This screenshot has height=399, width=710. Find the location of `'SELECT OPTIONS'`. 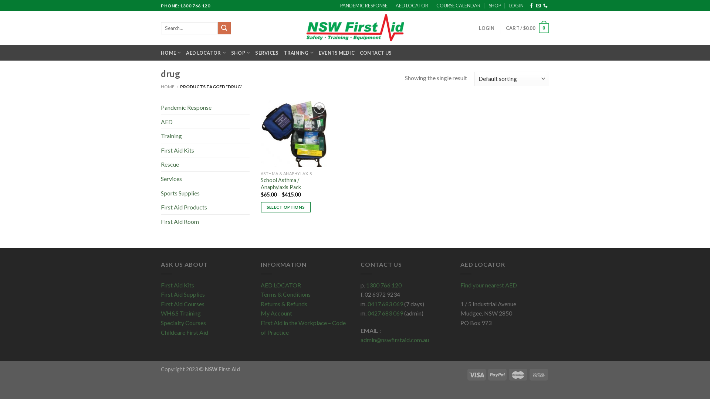

'SELECT OPTIONS' is located at coordinates (285, 207).